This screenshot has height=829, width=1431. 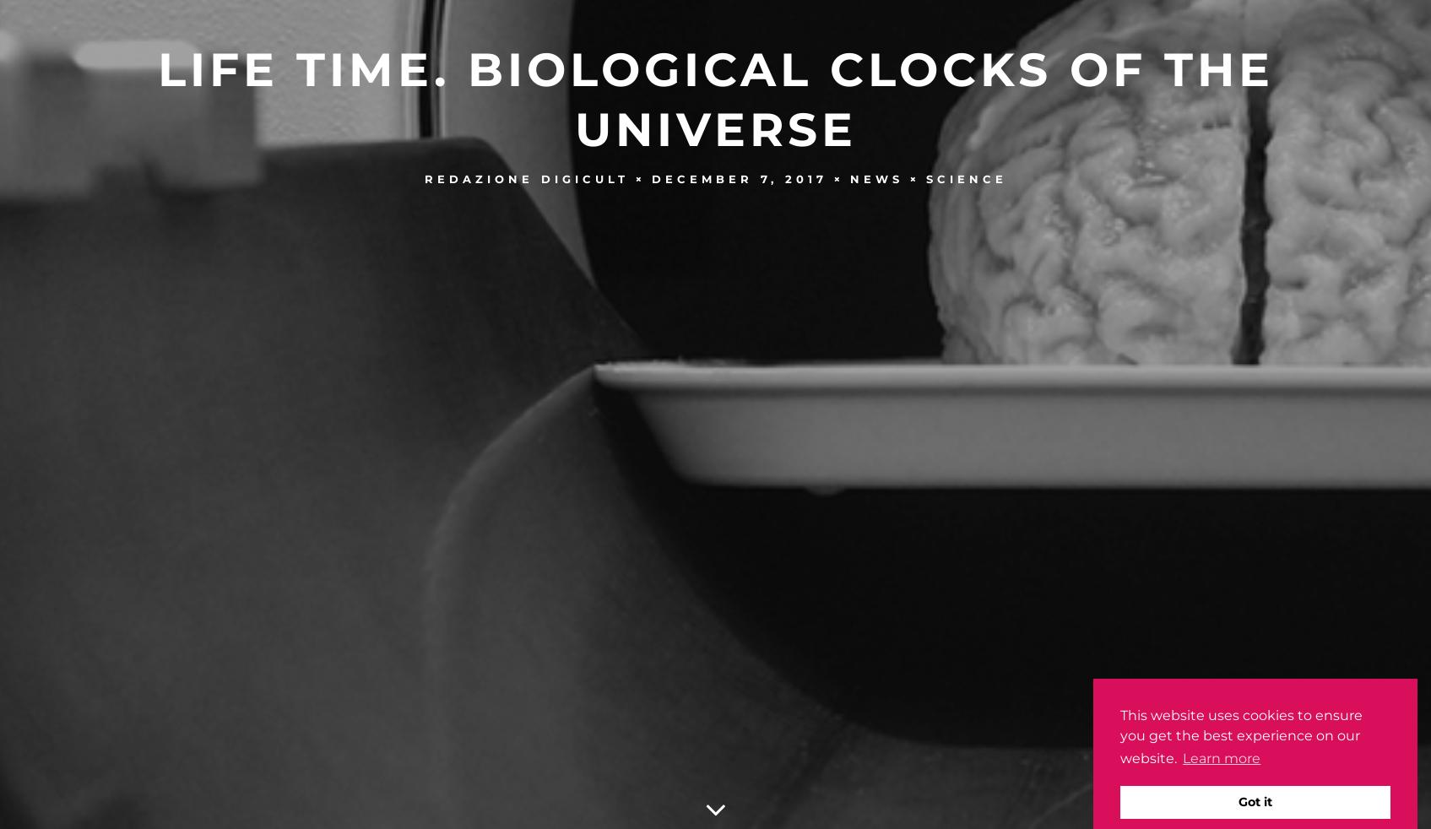 What do you see at coordinates (1181, 758) in the screenshot?
I see `'Learn more'` at bounding box center [1181, 758].